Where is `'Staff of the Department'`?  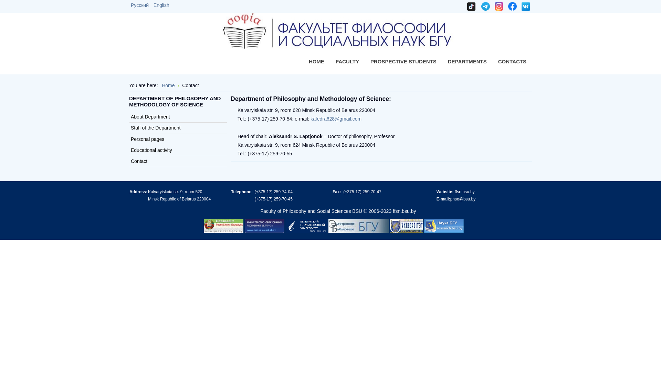
'Staff of the Department' is located at coordinates (129, 128).